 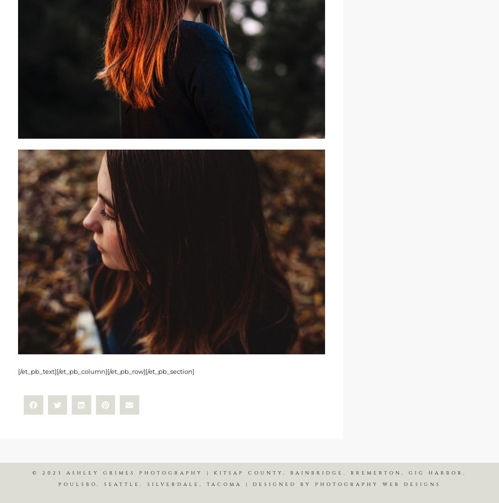 I want to click on 'SEATTLE', so click(x=121, y=483).